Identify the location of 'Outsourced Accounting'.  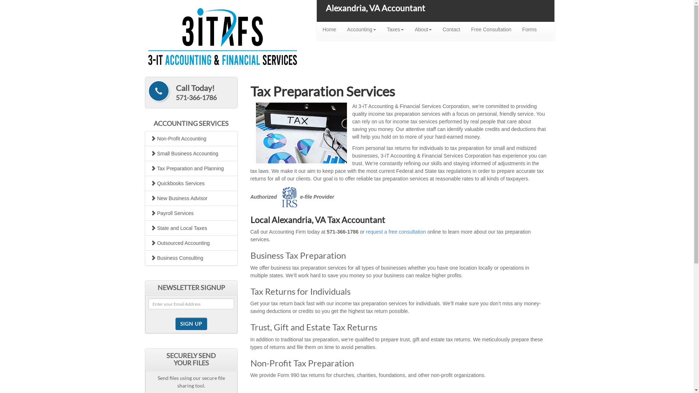
(191, 243).